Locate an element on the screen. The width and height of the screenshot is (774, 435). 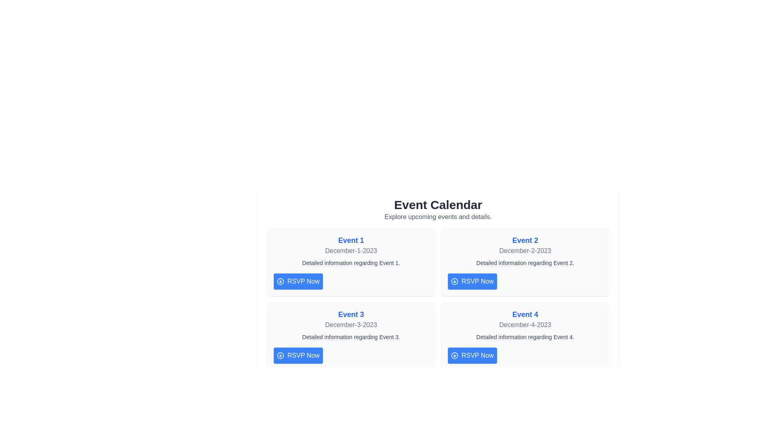
text label that provides additional details about 'Event 1', located below the event title and date within its event card is located at coordinates (351, 263).